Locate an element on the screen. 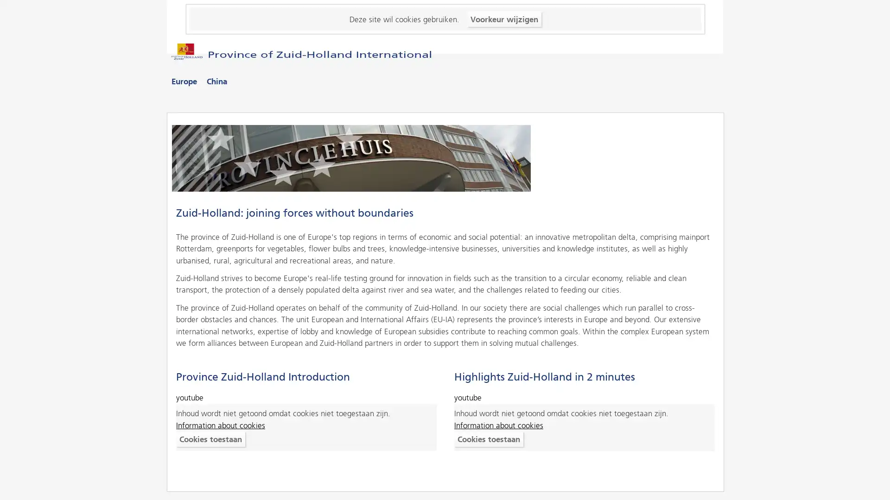 This screenshot has height=500, width=890. Cookies toestaan is located at coordinates (488, 438).